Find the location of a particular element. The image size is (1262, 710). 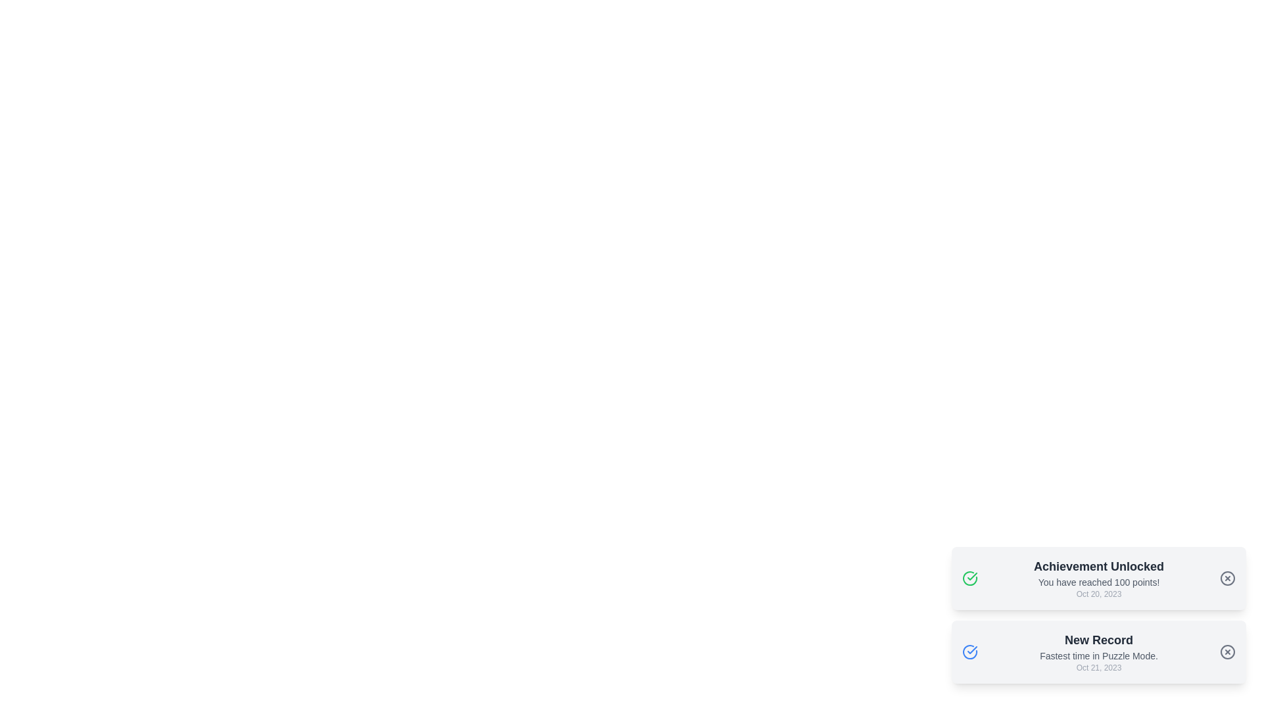

the achievement icon located within the 'Achievement Unlocked' notification card, positioned to the left of the title text is located at coordinates (970, 577).